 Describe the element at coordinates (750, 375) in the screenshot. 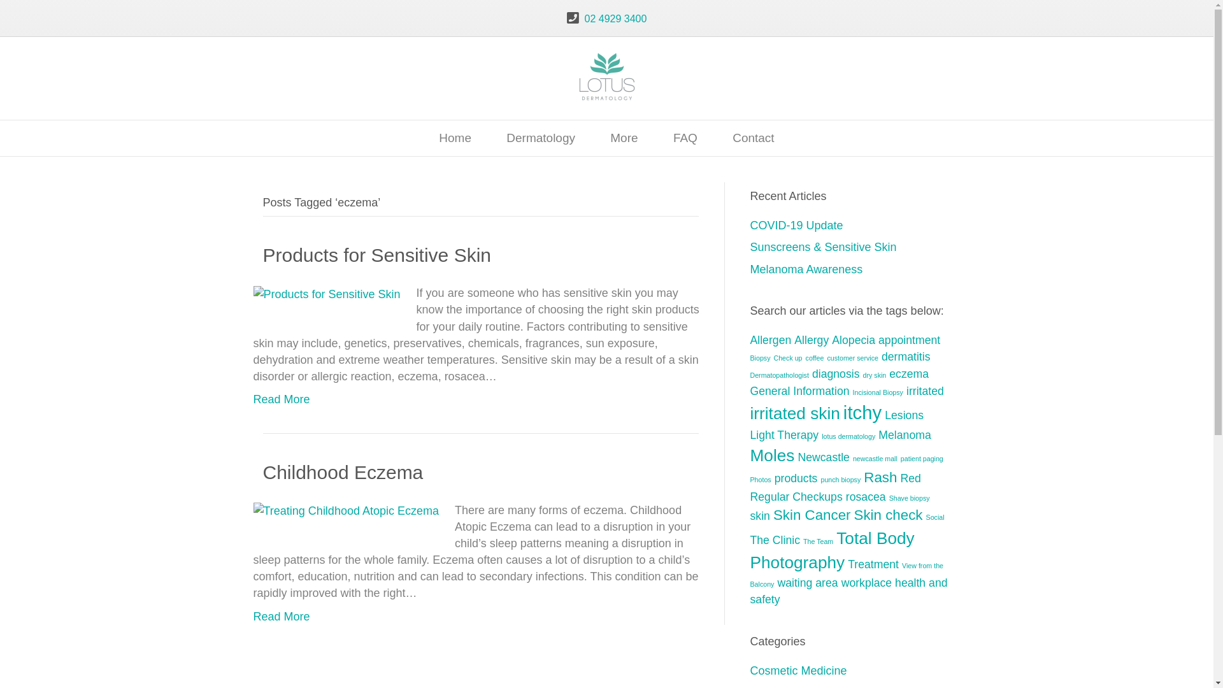

I see `'Dermatopathologist'` at that location.